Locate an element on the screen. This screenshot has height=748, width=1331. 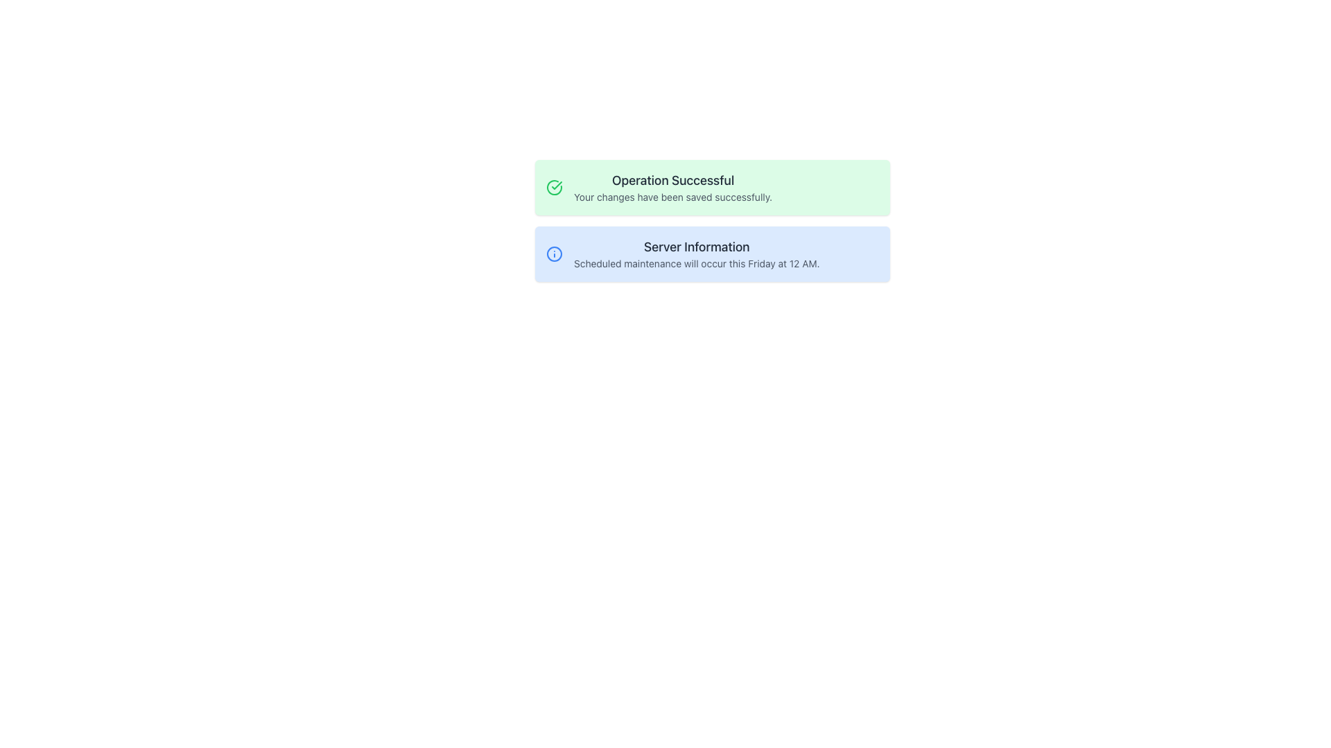
the blue outlined circular SVG icon that represents the server information, located at the beginning of the server information text block is located at coordinates (555, 253).